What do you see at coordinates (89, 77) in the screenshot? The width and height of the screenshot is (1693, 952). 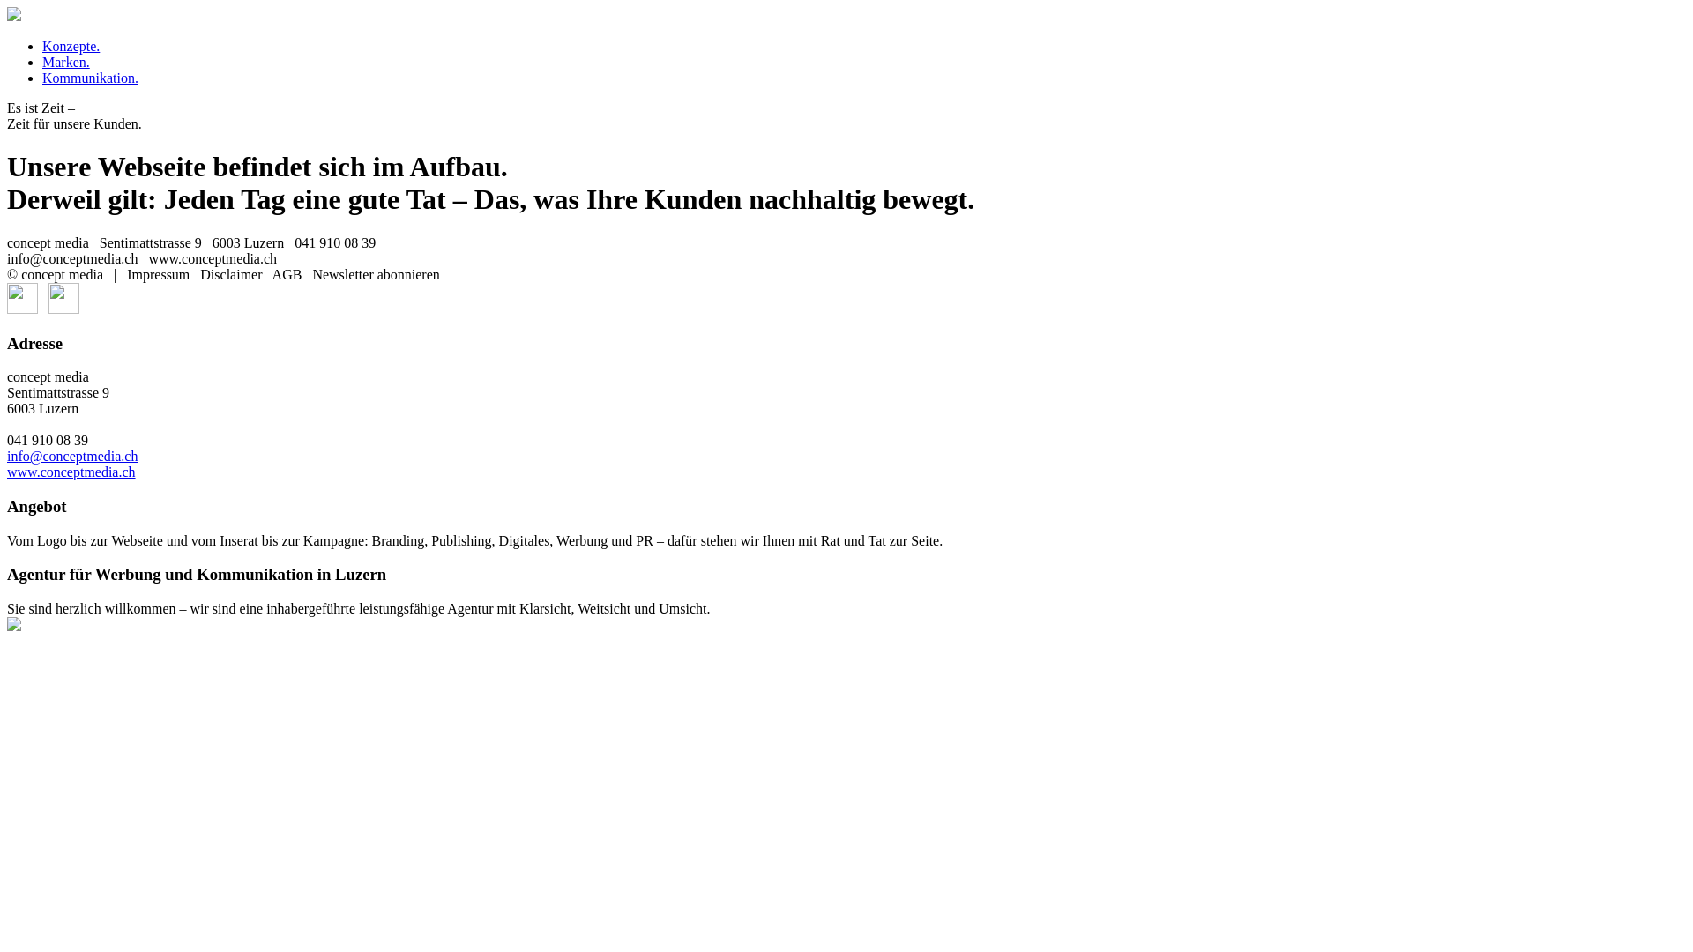 I see `'Kommunikation.'` at bounding box center [89, 77].